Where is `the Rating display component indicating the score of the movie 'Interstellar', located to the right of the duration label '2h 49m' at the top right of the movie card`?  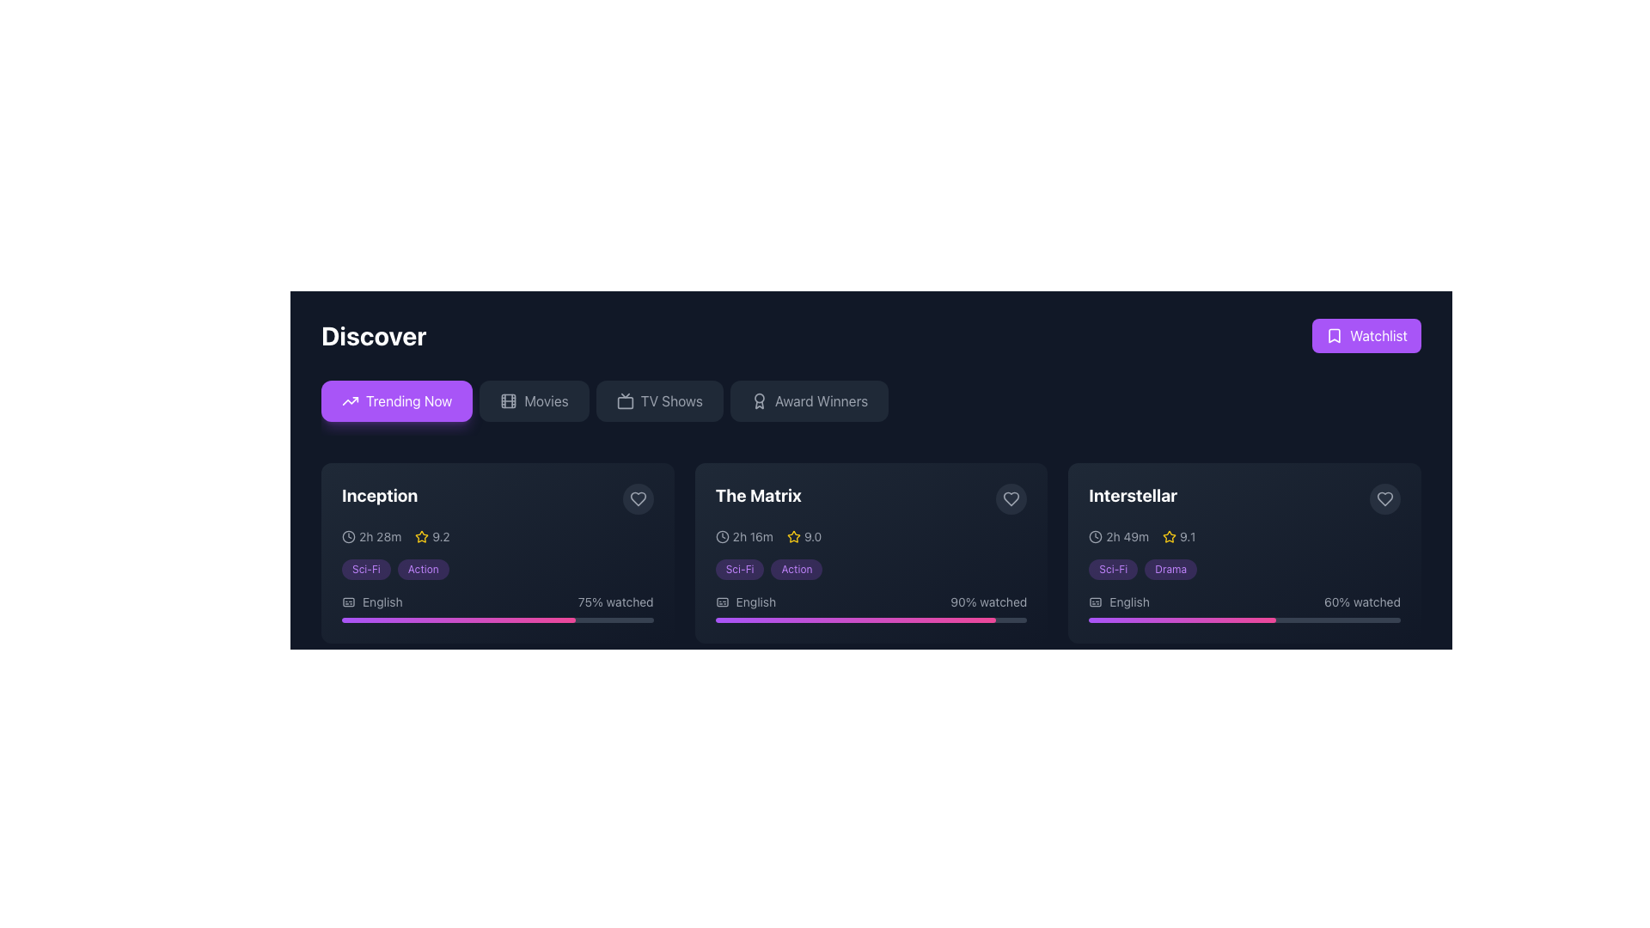
the Rating display component indicating the score of the movie 'Interstellar', located to the right of the duration label '2h 49m' at the top right of the movie card is located at coordinates (1178, 535).